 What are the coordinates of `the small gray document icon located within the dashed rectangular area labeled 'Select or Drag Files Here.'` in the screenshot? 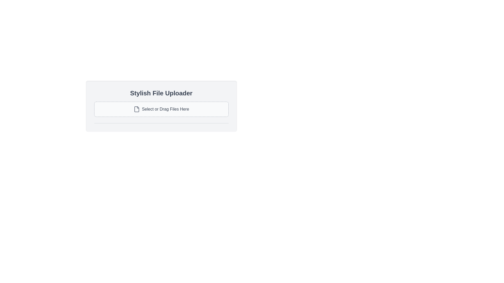 It's located at (136, 109).